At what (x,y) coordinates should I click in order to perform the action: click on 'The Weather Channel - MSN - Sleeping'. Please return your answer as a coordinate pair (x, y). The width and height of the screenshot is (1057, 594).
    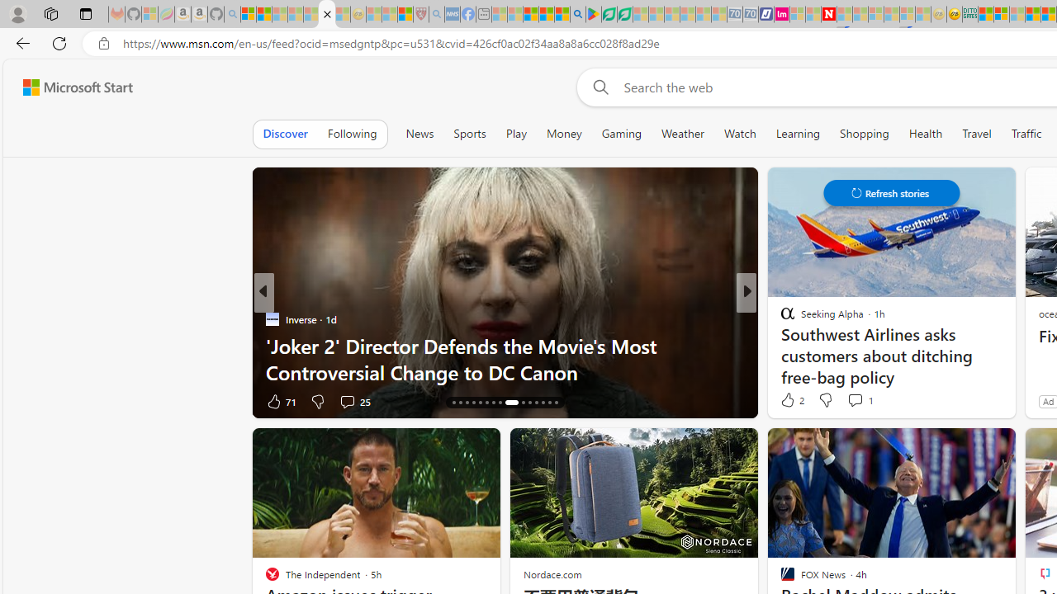
    Looking at the image, I should click on (280, 14).